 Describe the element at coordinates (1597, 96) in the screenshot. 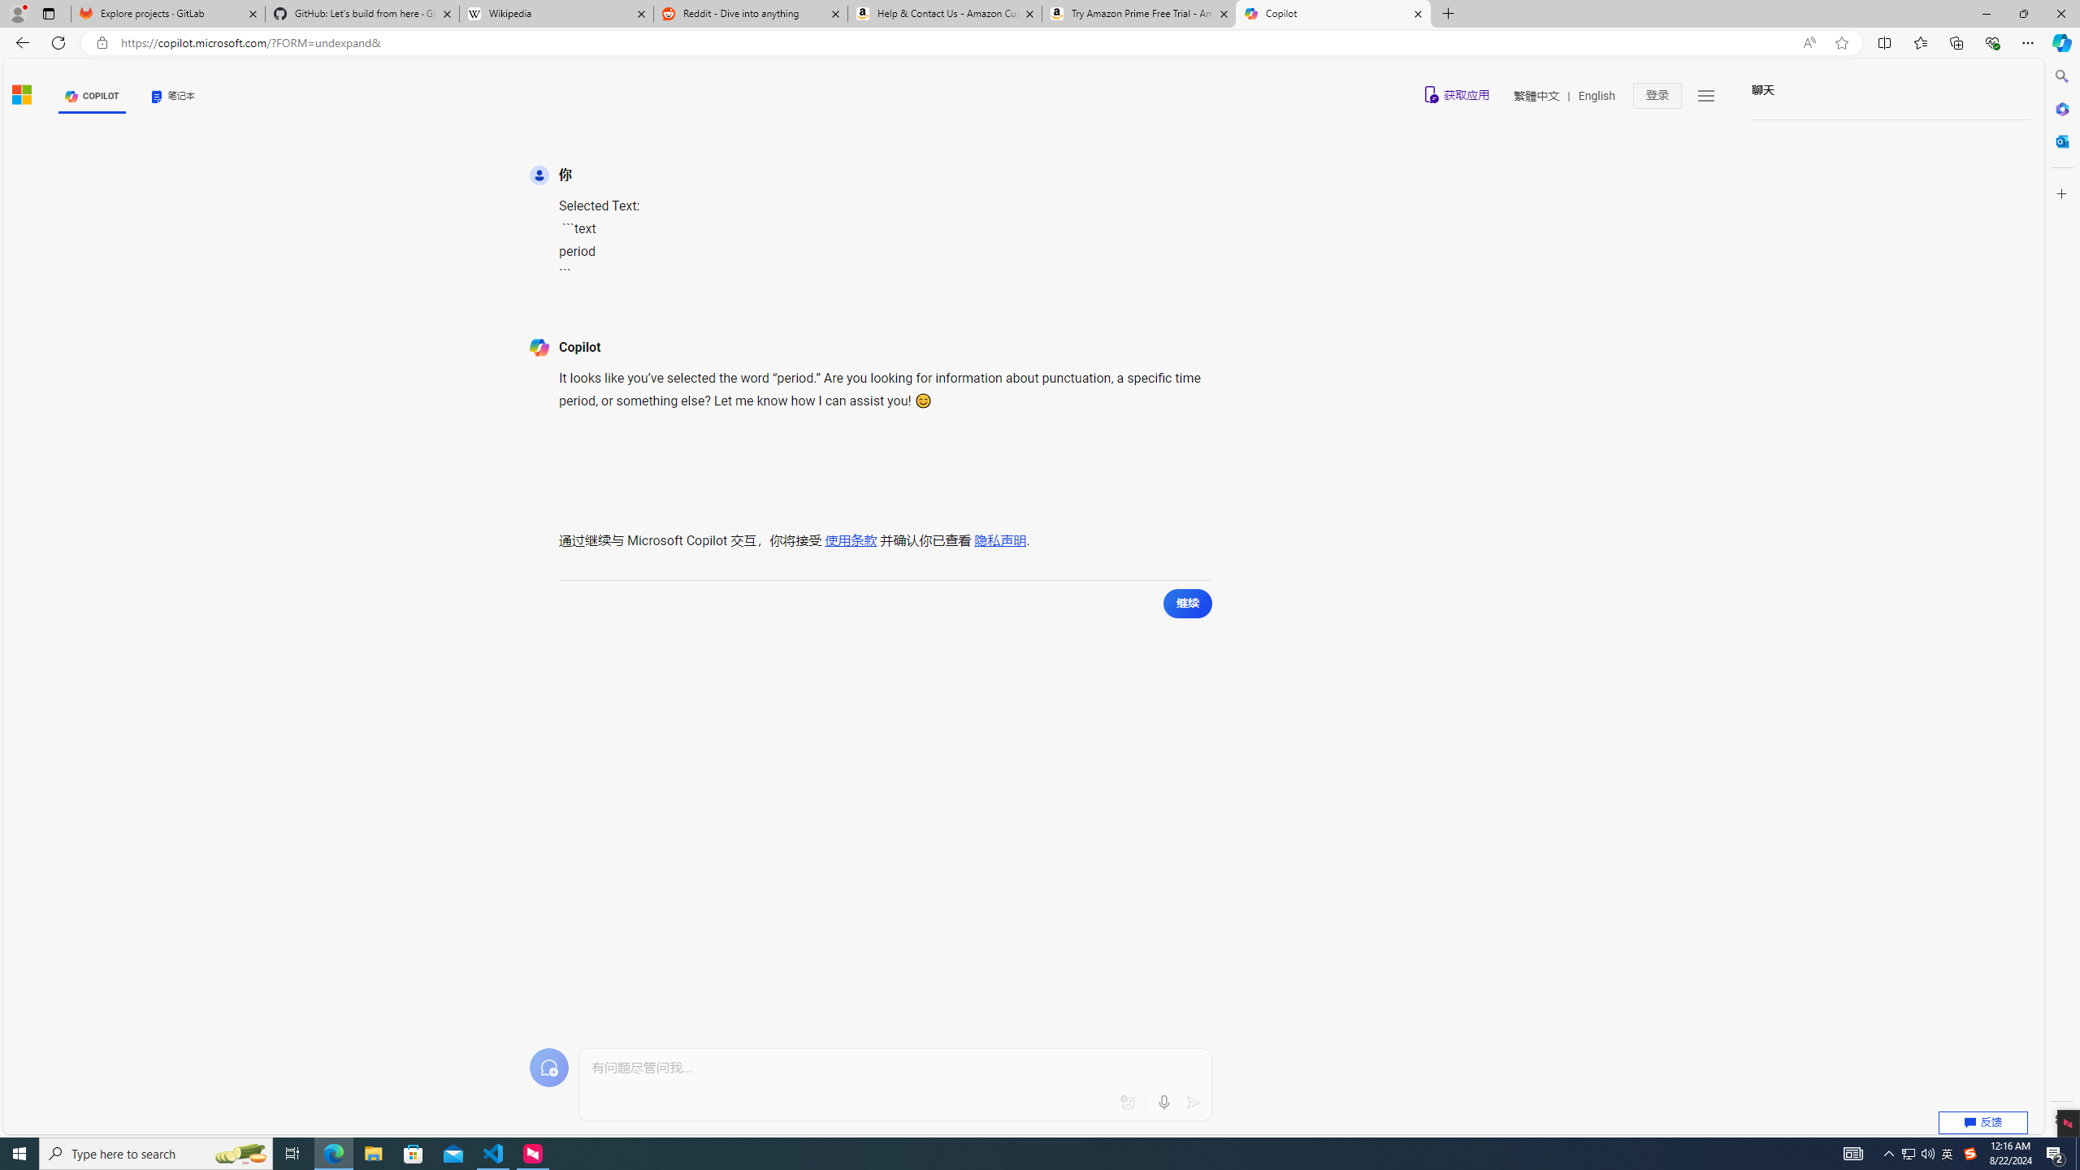

I see `'English'` at that location.